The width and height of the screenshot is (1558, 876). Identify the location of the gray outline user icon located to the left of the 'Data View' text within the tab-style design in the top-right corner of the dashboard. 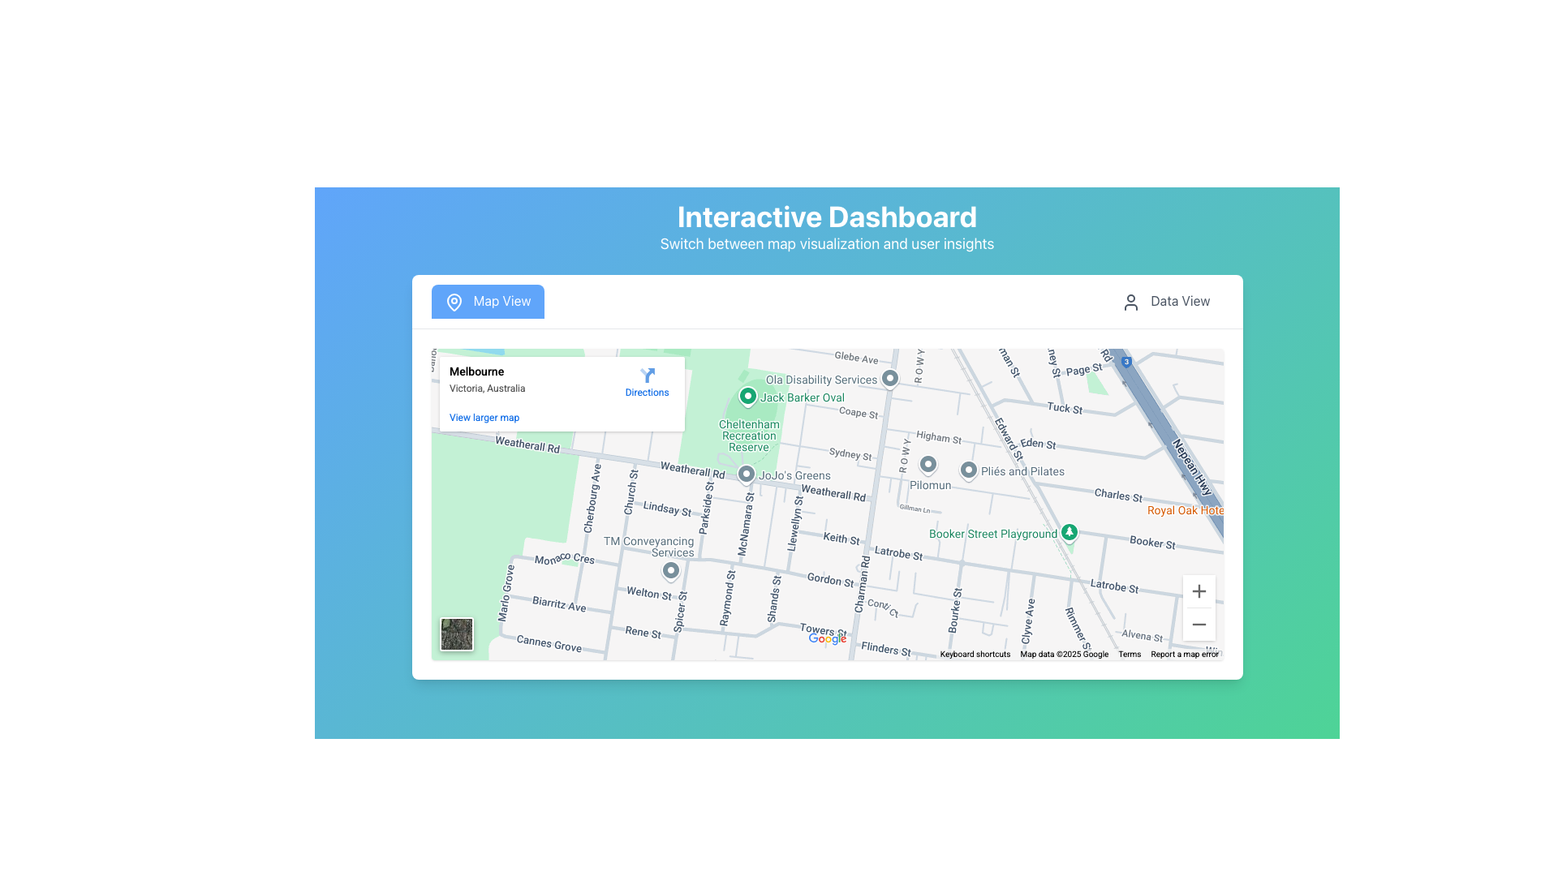
(1130, 302).